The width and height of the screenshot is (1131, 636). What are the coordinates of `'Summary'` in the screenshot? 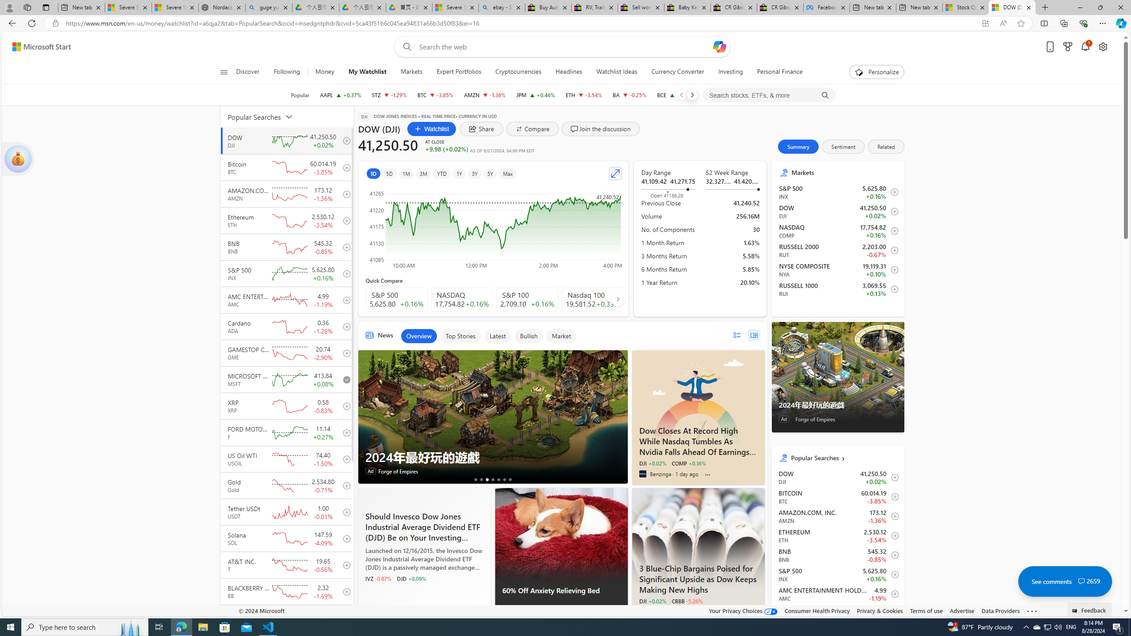 It's located at (798, 146).